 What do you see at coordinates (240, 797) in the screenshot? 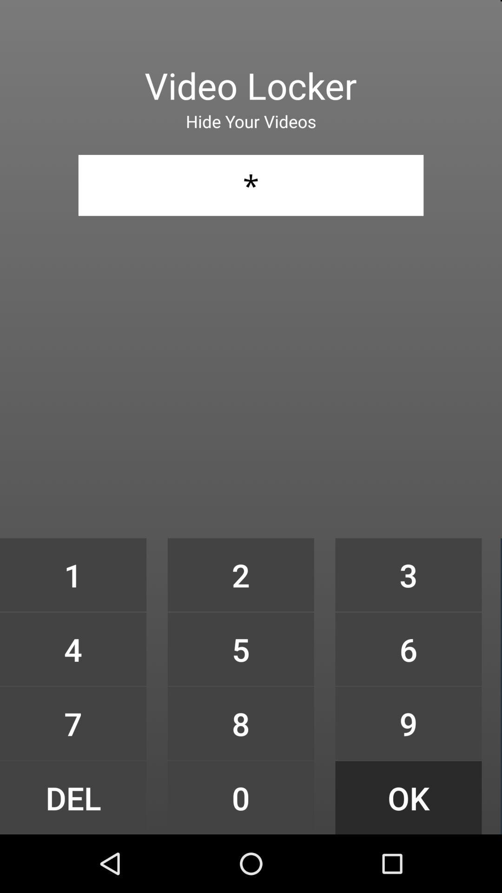
I see `item to the left of the 9 item` at bounding box center [240, 797].